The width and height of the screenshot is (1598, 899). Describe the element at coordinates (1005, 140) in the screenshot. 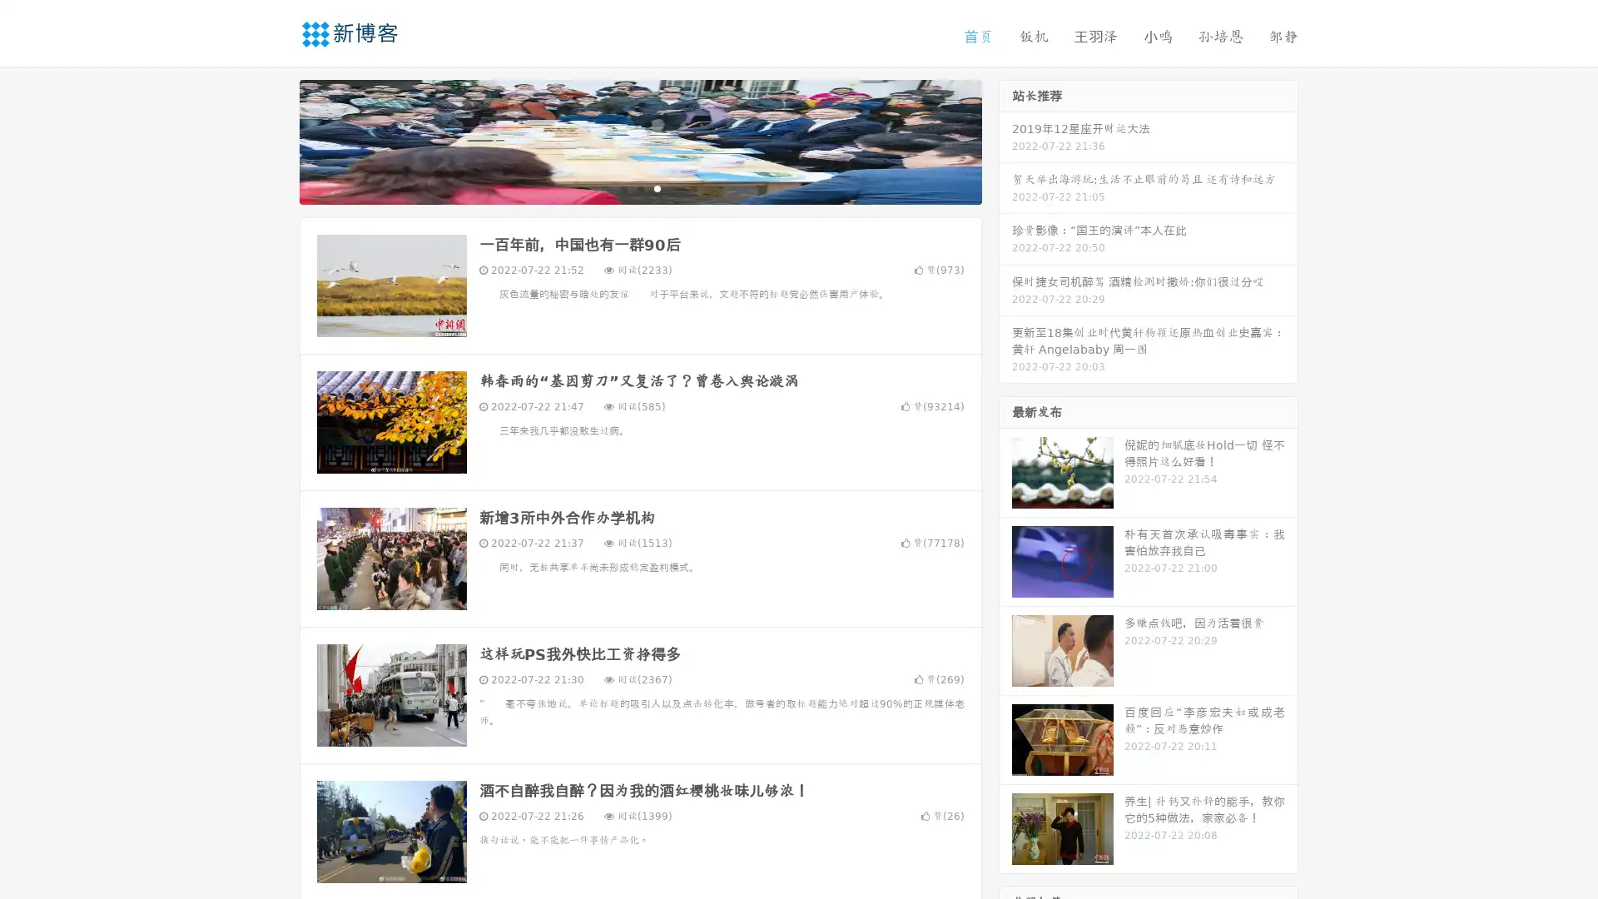

I see `Next slide` at that location.